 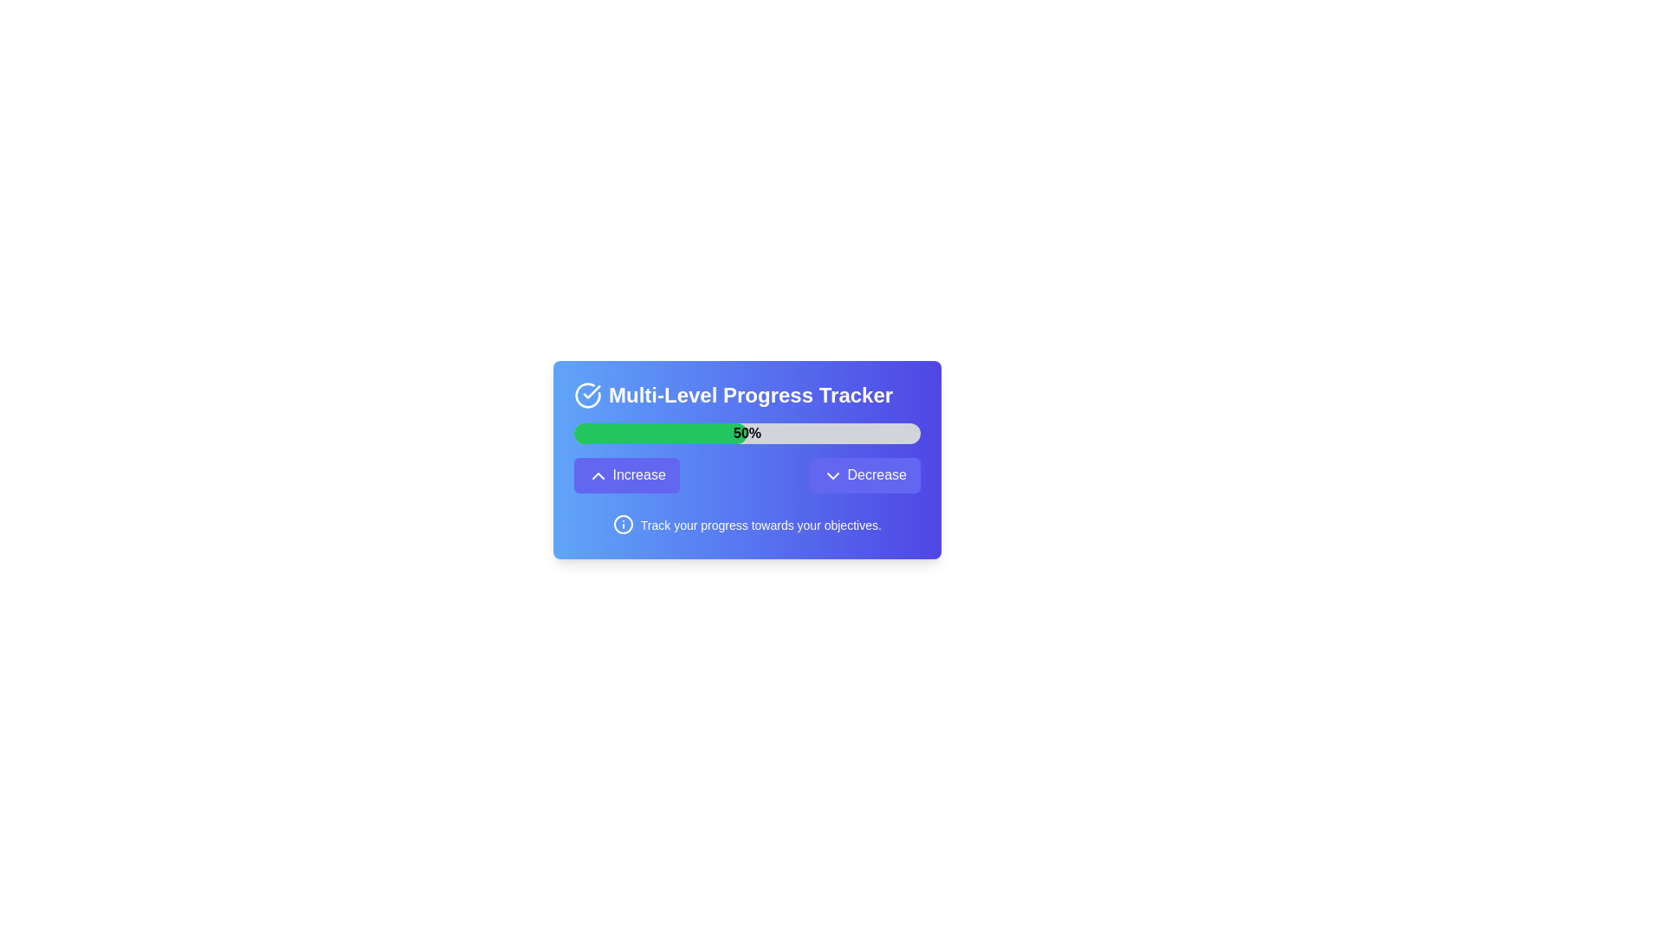 I want to click on the 'Decrease' button located on the right side of the 'Increase' button in the horizontal layout below the 'Multi-Level Progress Tracker' title, so click(x=864, y=475).